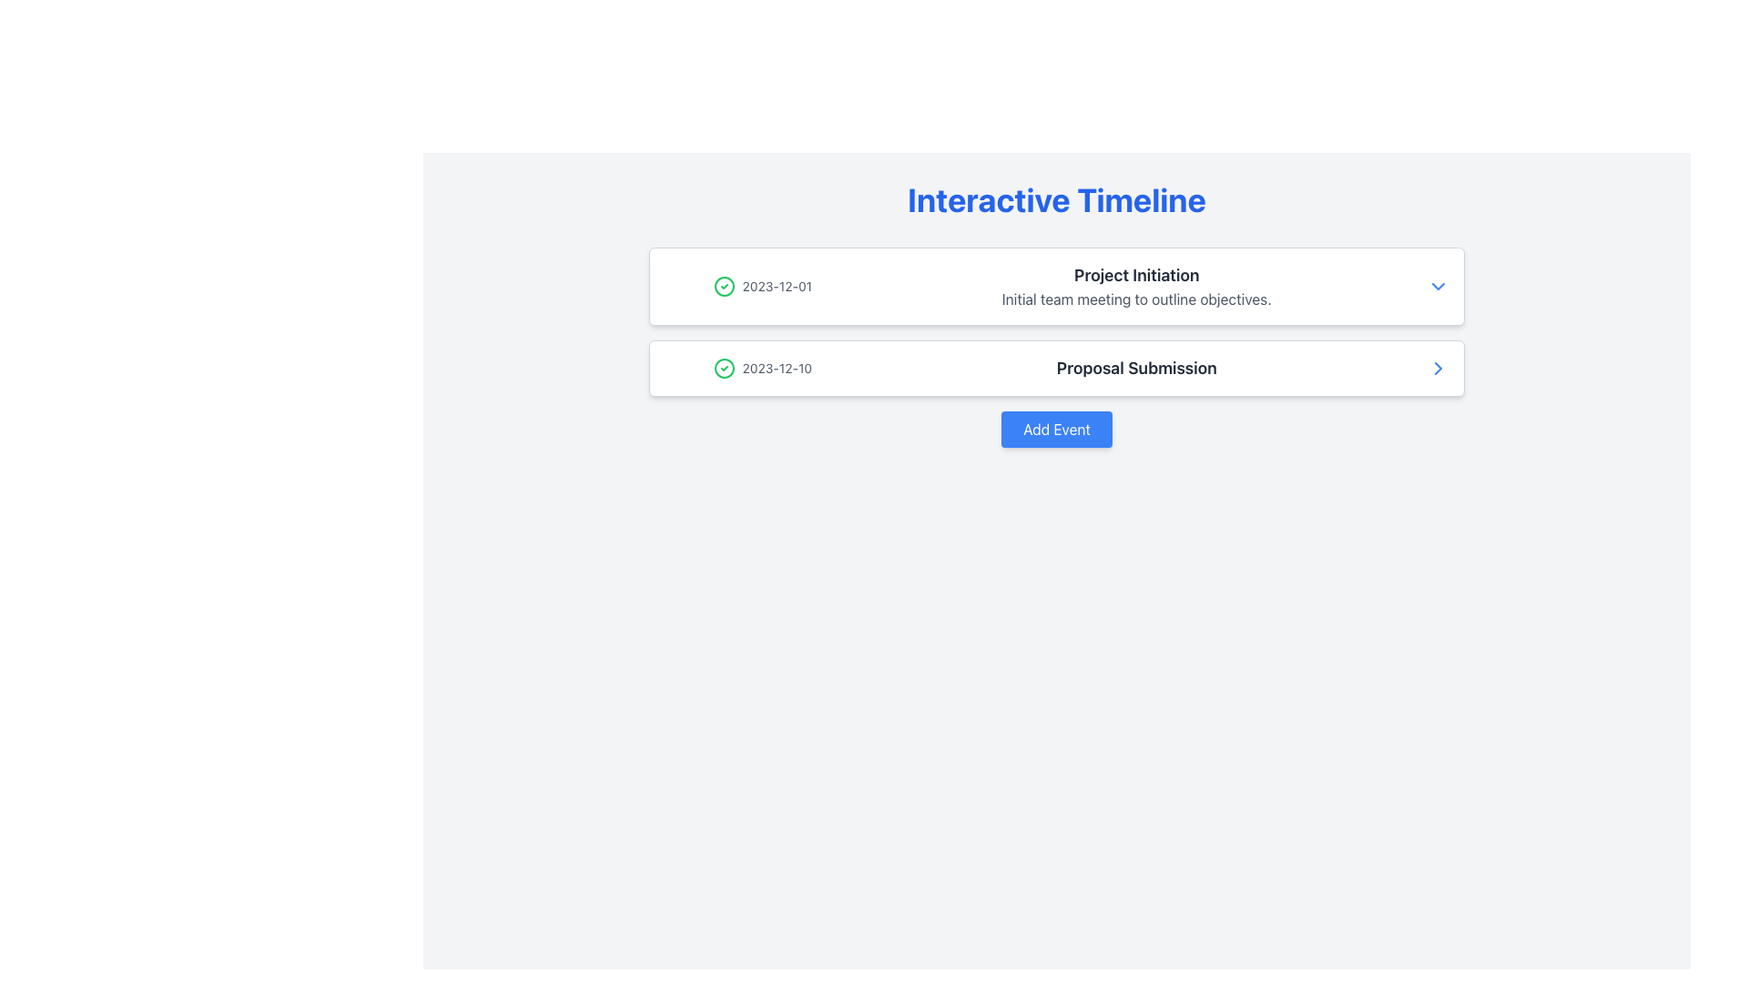 Image resolution: width=1748 pixels, height=983 pixels. I want to click on the arrow icon on the far-right side of the 'Proposal Submission' entry, so click(1437, 369).